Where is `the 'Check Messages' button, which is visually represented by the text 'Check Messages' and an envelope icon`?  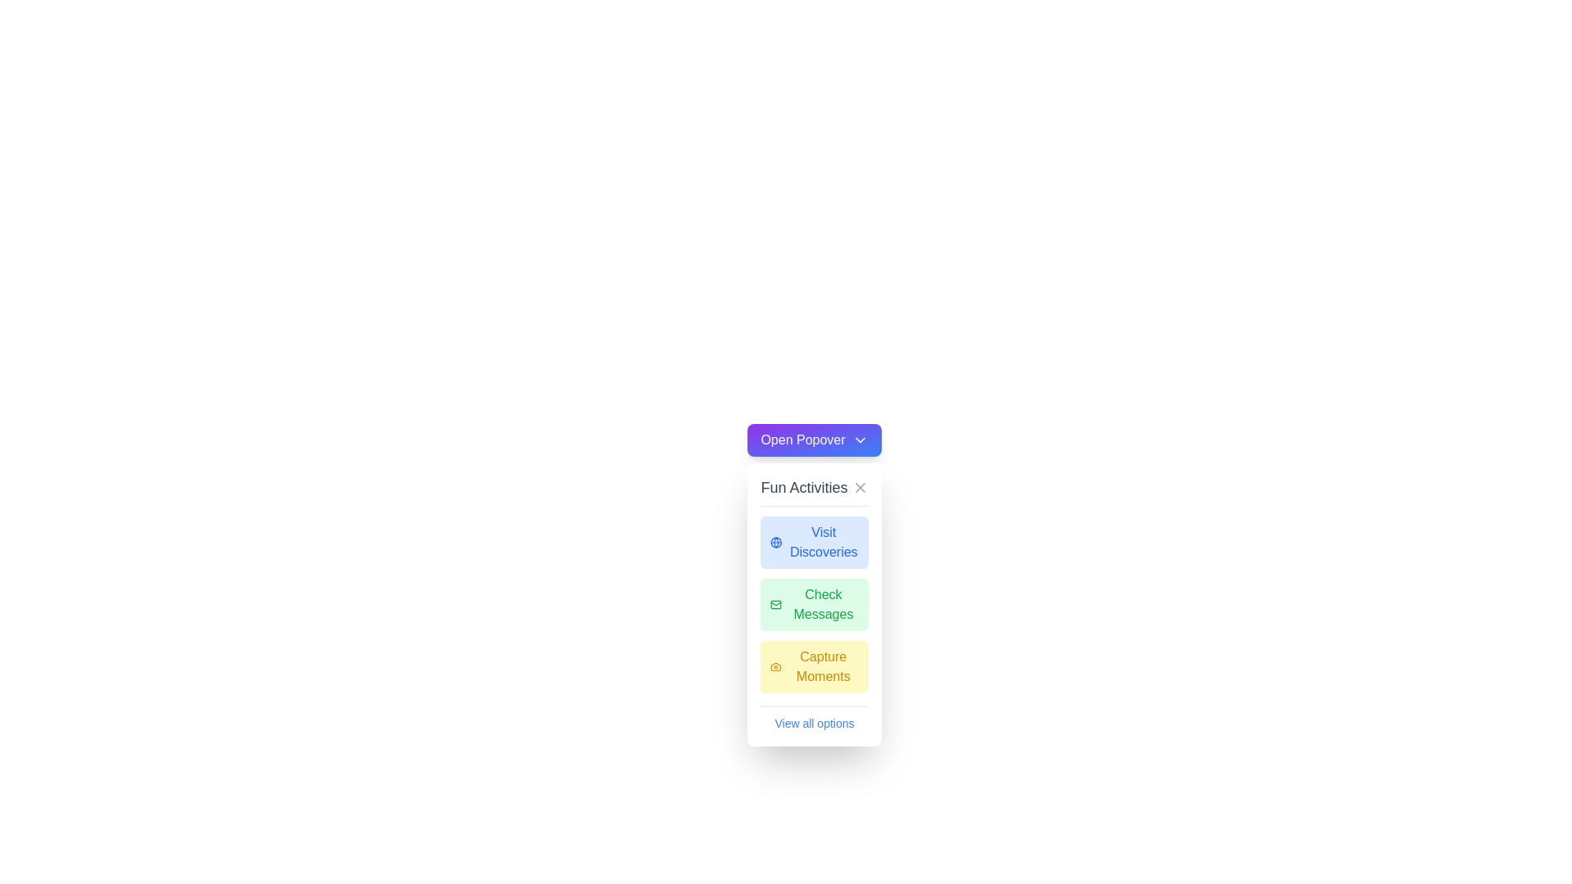
the 'Check Messages' button, which is visually represented by the text 'Check Messages' and an envelope icon is located at coordinates (814, 605).